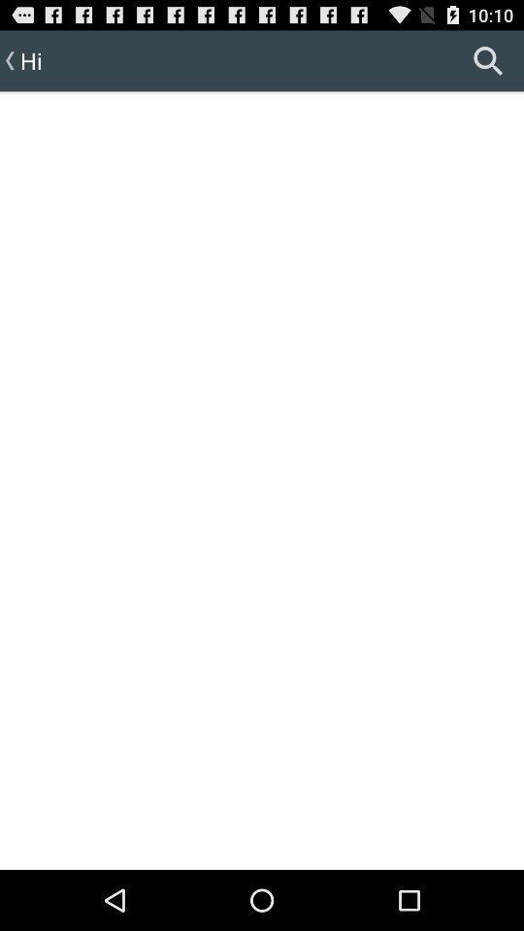 The image size is (524, 931). Describe the element at coordinates (487, 60) in the screenshot. I see `the item to the right of hi icon` at that location.